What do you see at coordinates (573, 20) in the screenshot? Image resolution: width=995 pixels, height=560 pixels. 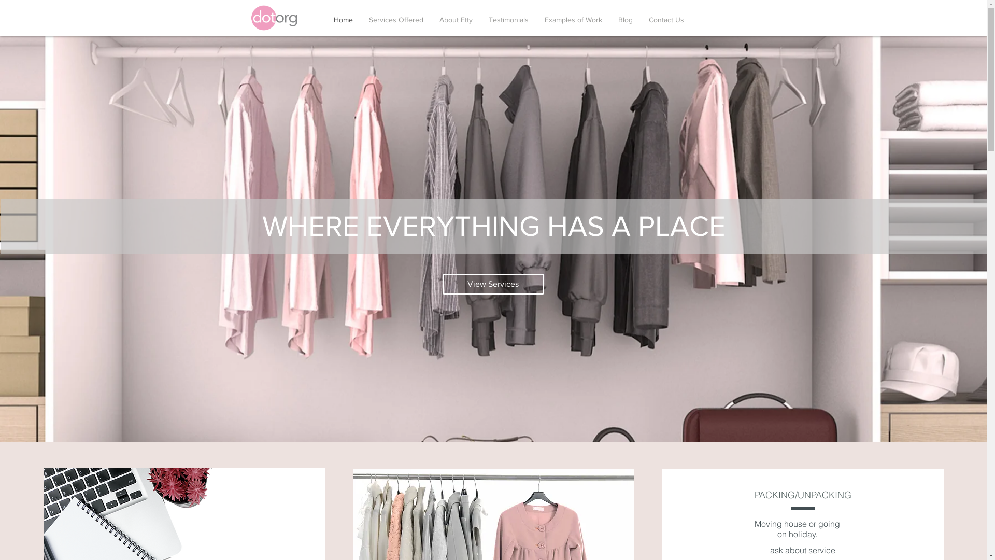 I see `'Examples of Work'` at bounding box center [573, 20].